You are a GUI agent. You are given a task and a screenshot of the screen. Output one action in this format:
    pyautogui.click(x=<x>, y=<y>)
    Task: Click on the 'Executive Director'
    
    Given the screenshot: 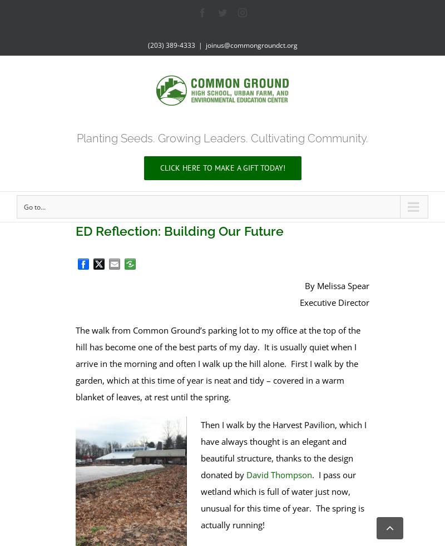 What is the action you would take?
    pyautogui.click(x=299, y=301)
    